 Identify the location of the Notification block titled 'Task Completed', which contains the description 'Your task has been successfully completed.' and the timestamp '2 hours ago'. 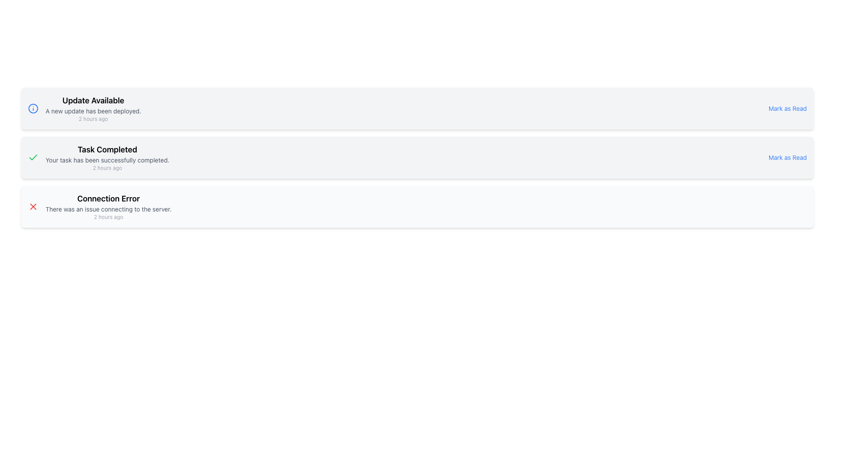
(107, 157).